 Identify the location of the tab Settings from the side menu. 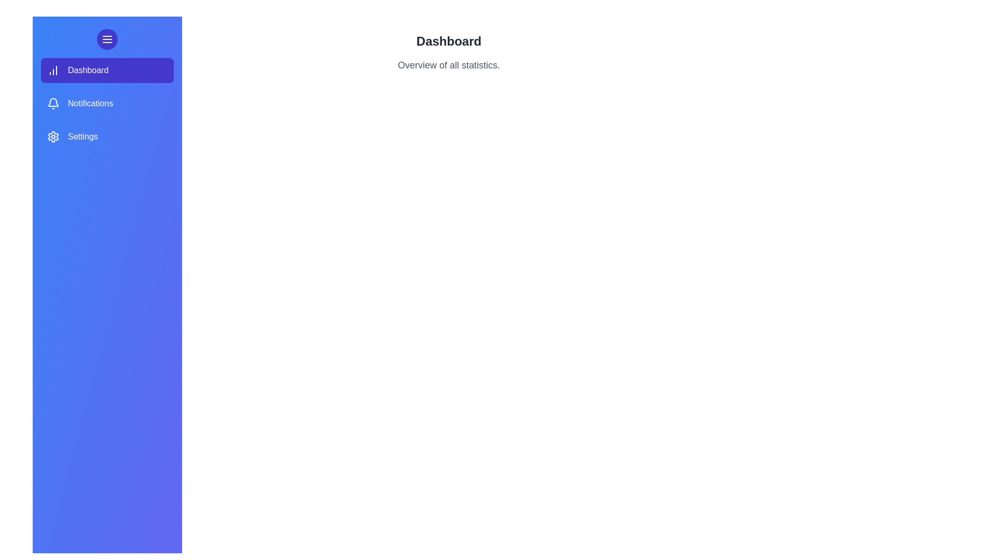
(107, 136).